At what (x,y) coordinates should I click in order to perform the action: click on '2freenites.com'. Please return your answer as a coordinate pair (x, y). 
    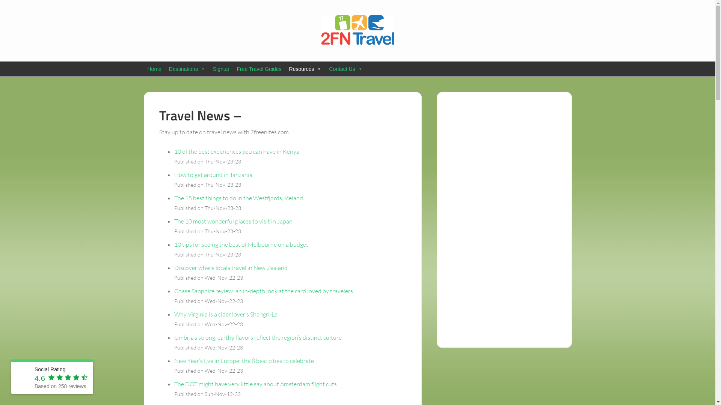
    Looking at the image, I should click on (357, 30).